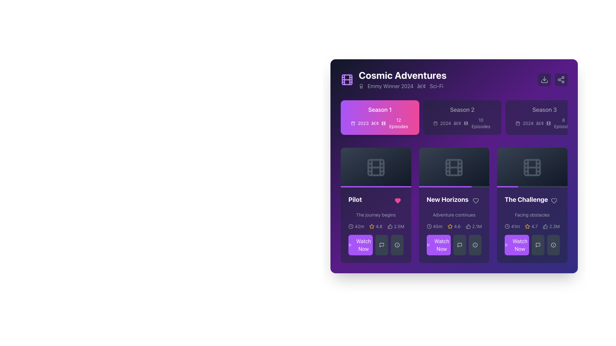 This screenshot has width=616, height=346. Describe the element at coordinates (360, 245) in the screenshot. I see `the first button` at that location.